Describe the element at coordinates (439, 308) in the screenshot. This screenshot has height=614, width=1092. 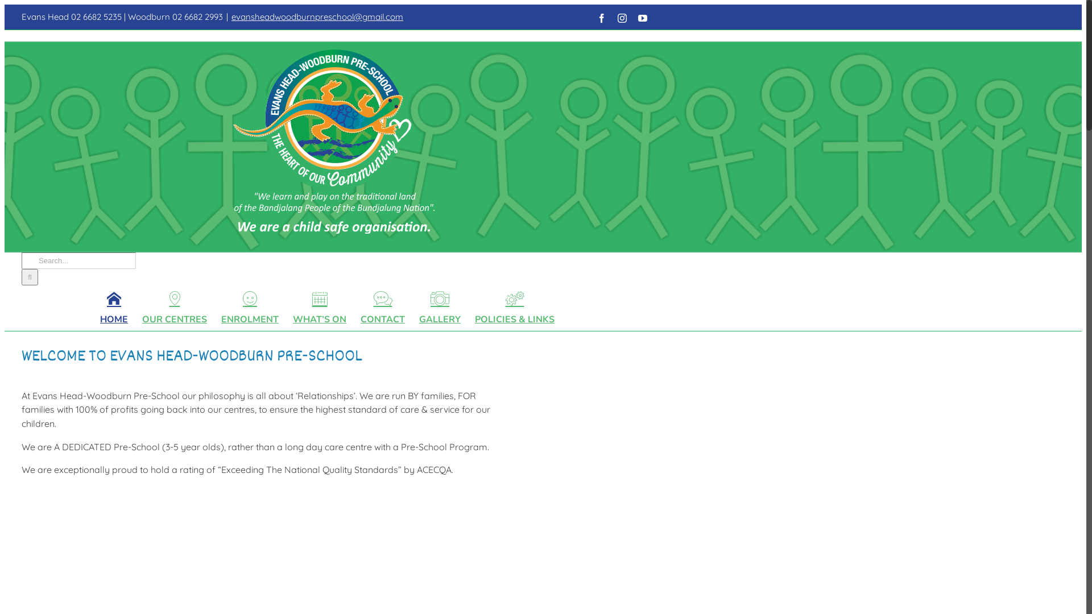
I see `'GALLERY'` at that location.